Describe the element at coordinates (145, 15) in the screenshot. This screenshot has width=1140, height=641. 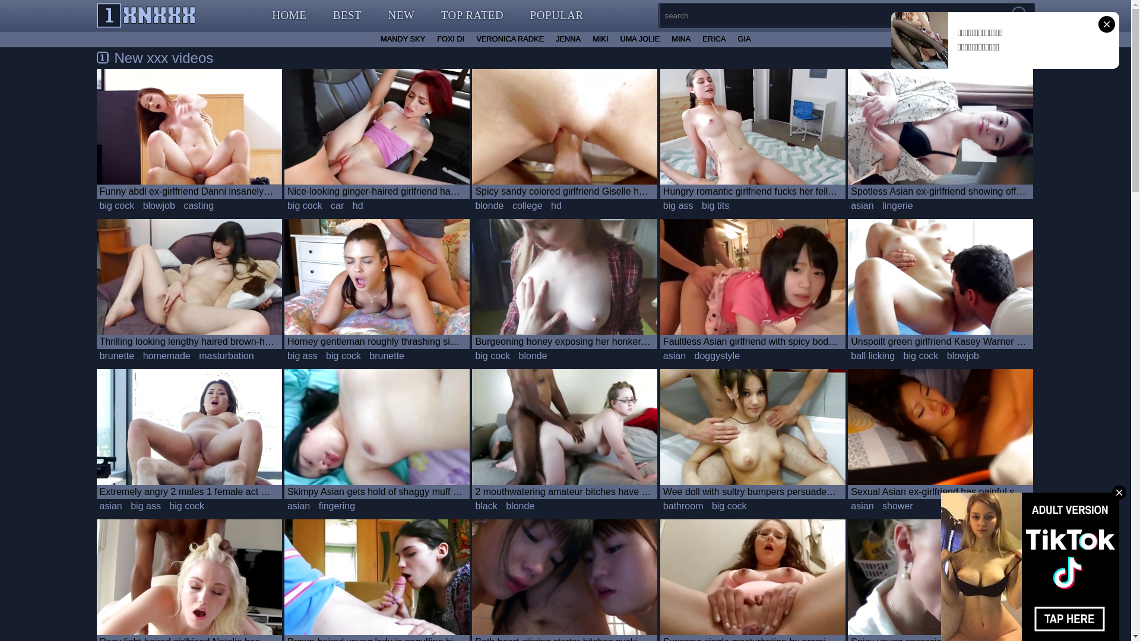
I see `'1xnxxx.com'` at that location.